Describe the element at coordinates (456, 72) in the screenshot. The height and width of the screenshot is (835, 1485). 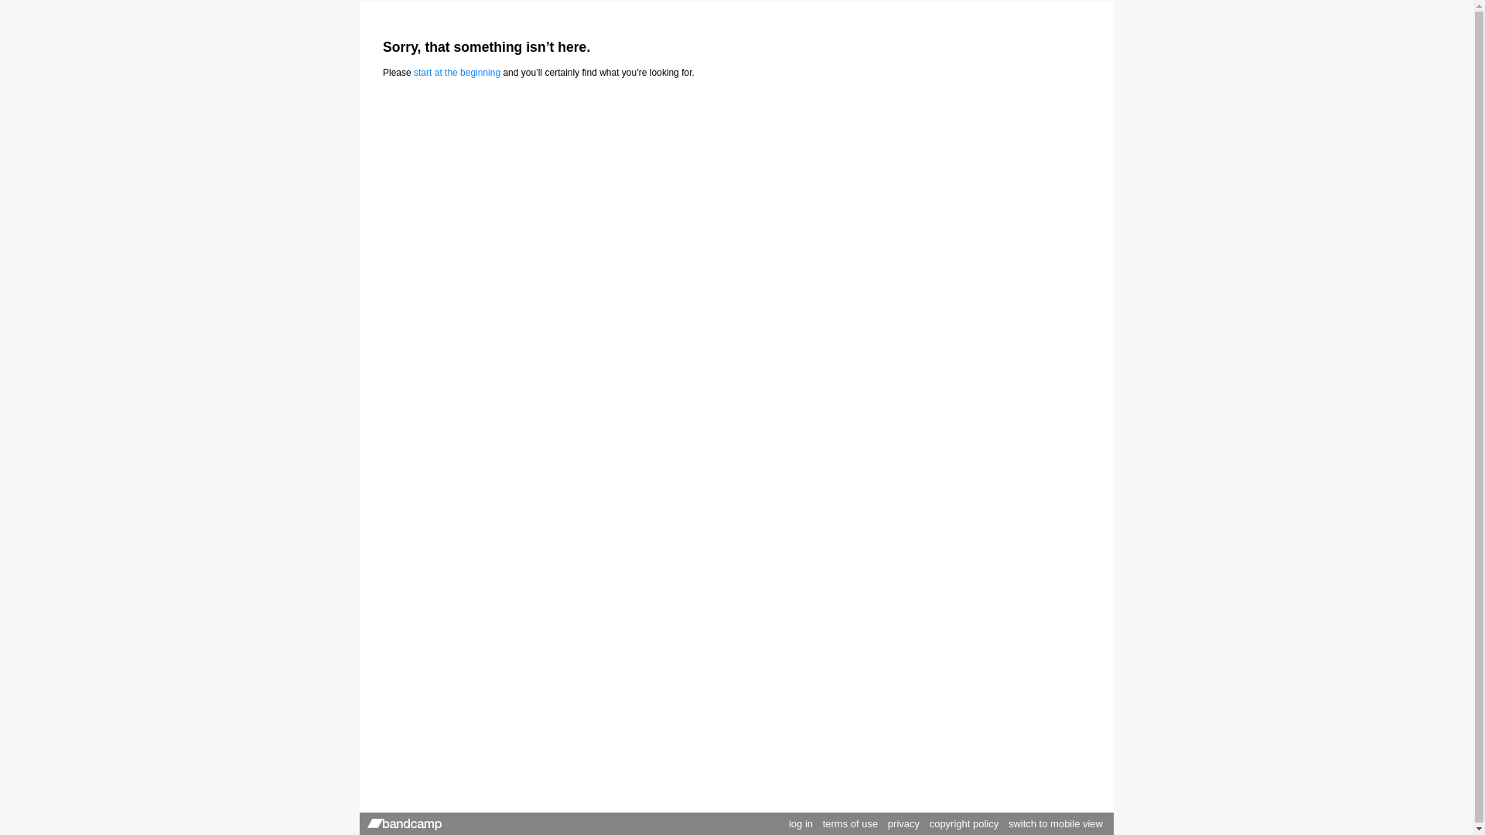
I see `'start at the beginning'` at that location.